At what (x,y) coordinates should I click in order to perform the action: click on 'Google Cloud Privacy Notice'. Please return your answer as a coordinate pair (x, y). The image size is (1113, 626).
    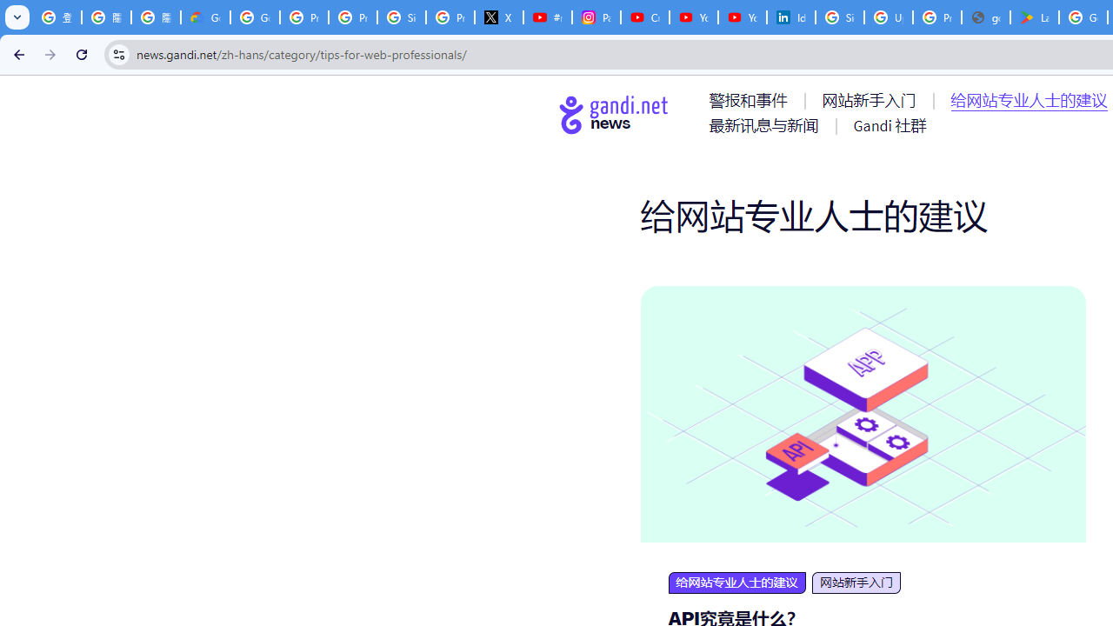
    Looking at the image, I should click on (205, 17).